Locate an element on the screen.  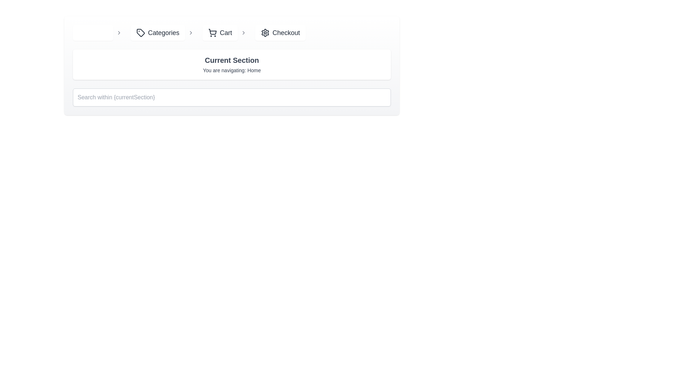
the text block containing navigational information, which has a gradient background, rounded corners, and displays 'Current Section' and 'You are navigating: Home.' is located at coordinates (232, 65).